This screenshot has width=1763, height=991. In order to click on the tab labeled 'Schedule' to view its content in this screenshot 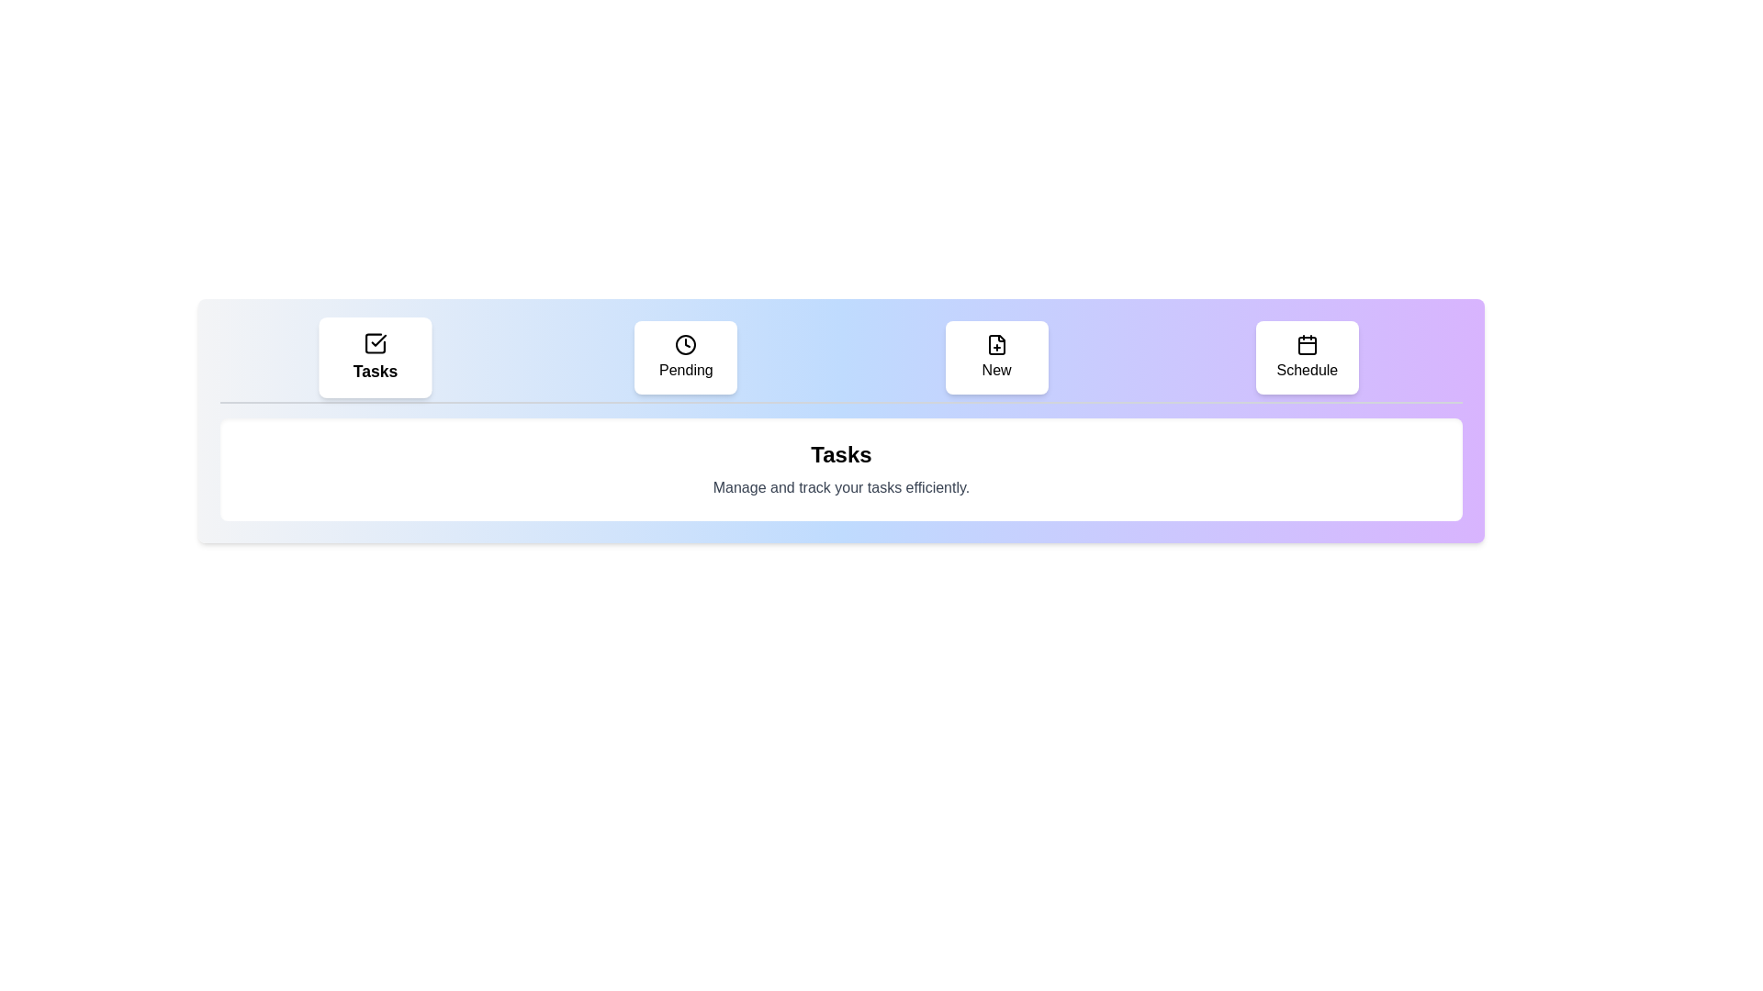, I will do `click(1306, 357)`.